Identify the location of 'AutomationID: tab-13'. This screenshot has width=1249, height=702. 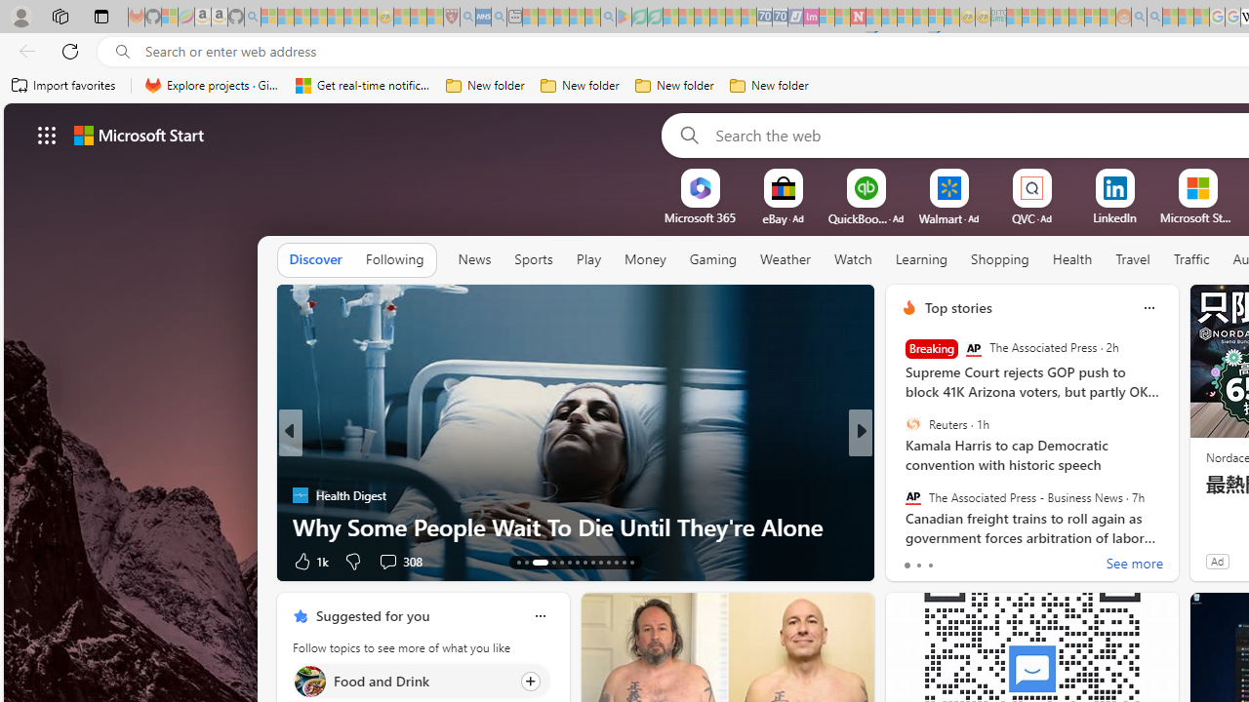
(518, 563).